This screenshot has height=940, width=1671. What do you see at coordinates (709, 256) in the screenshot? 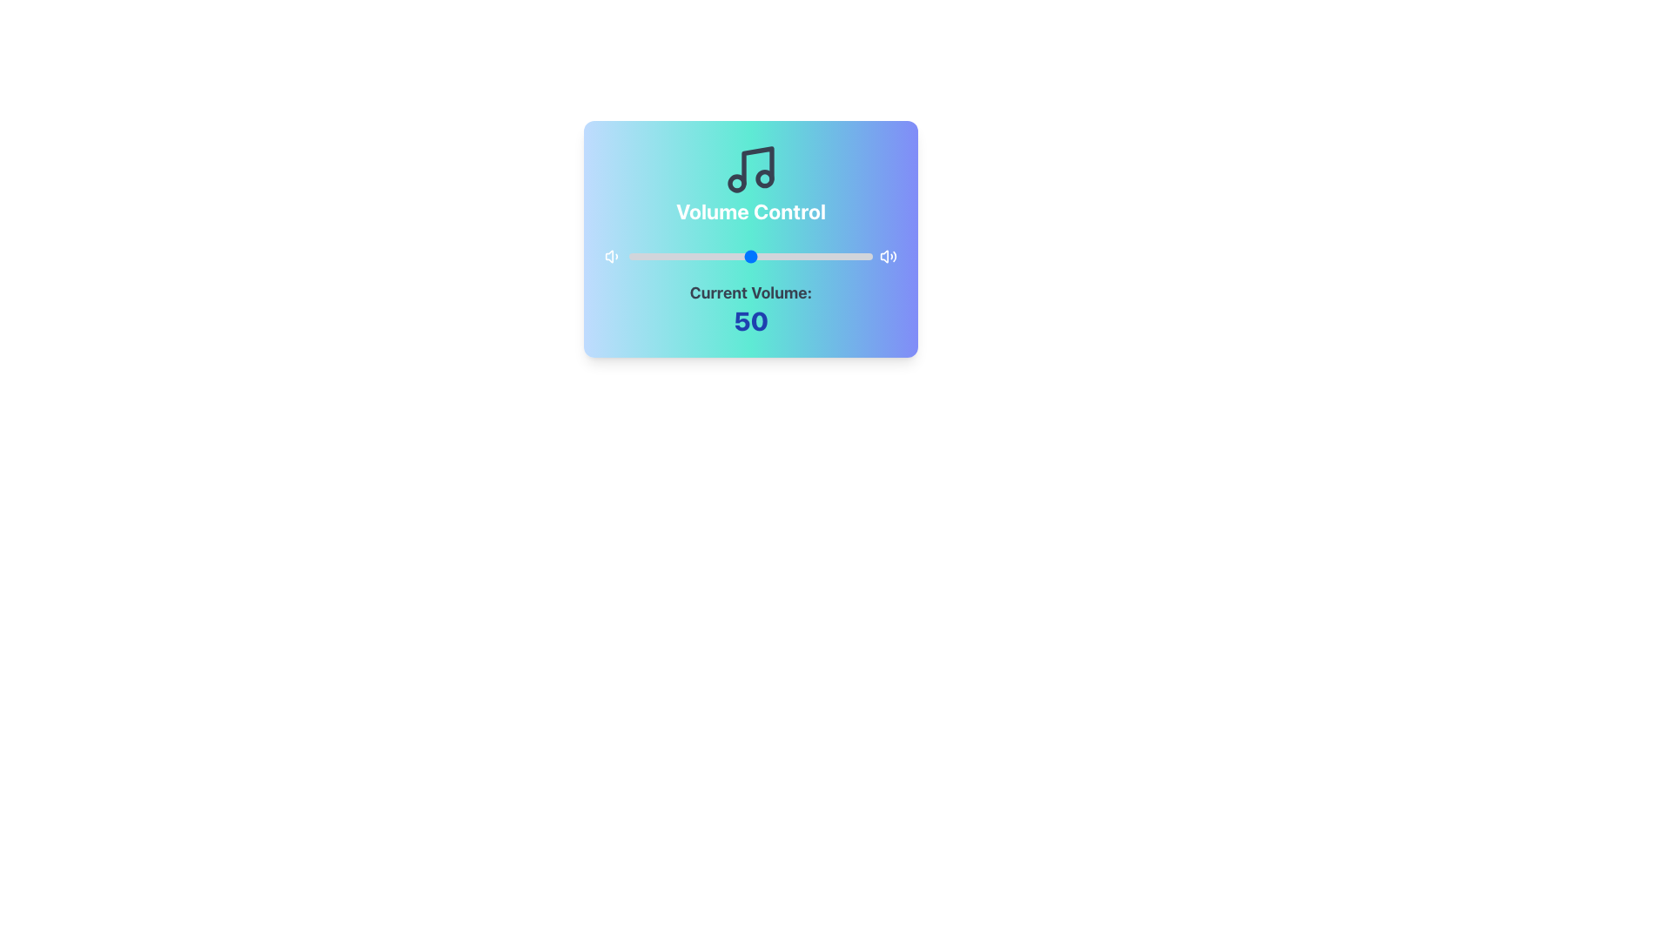
I see `the slider` at bounding box center [709, 256].